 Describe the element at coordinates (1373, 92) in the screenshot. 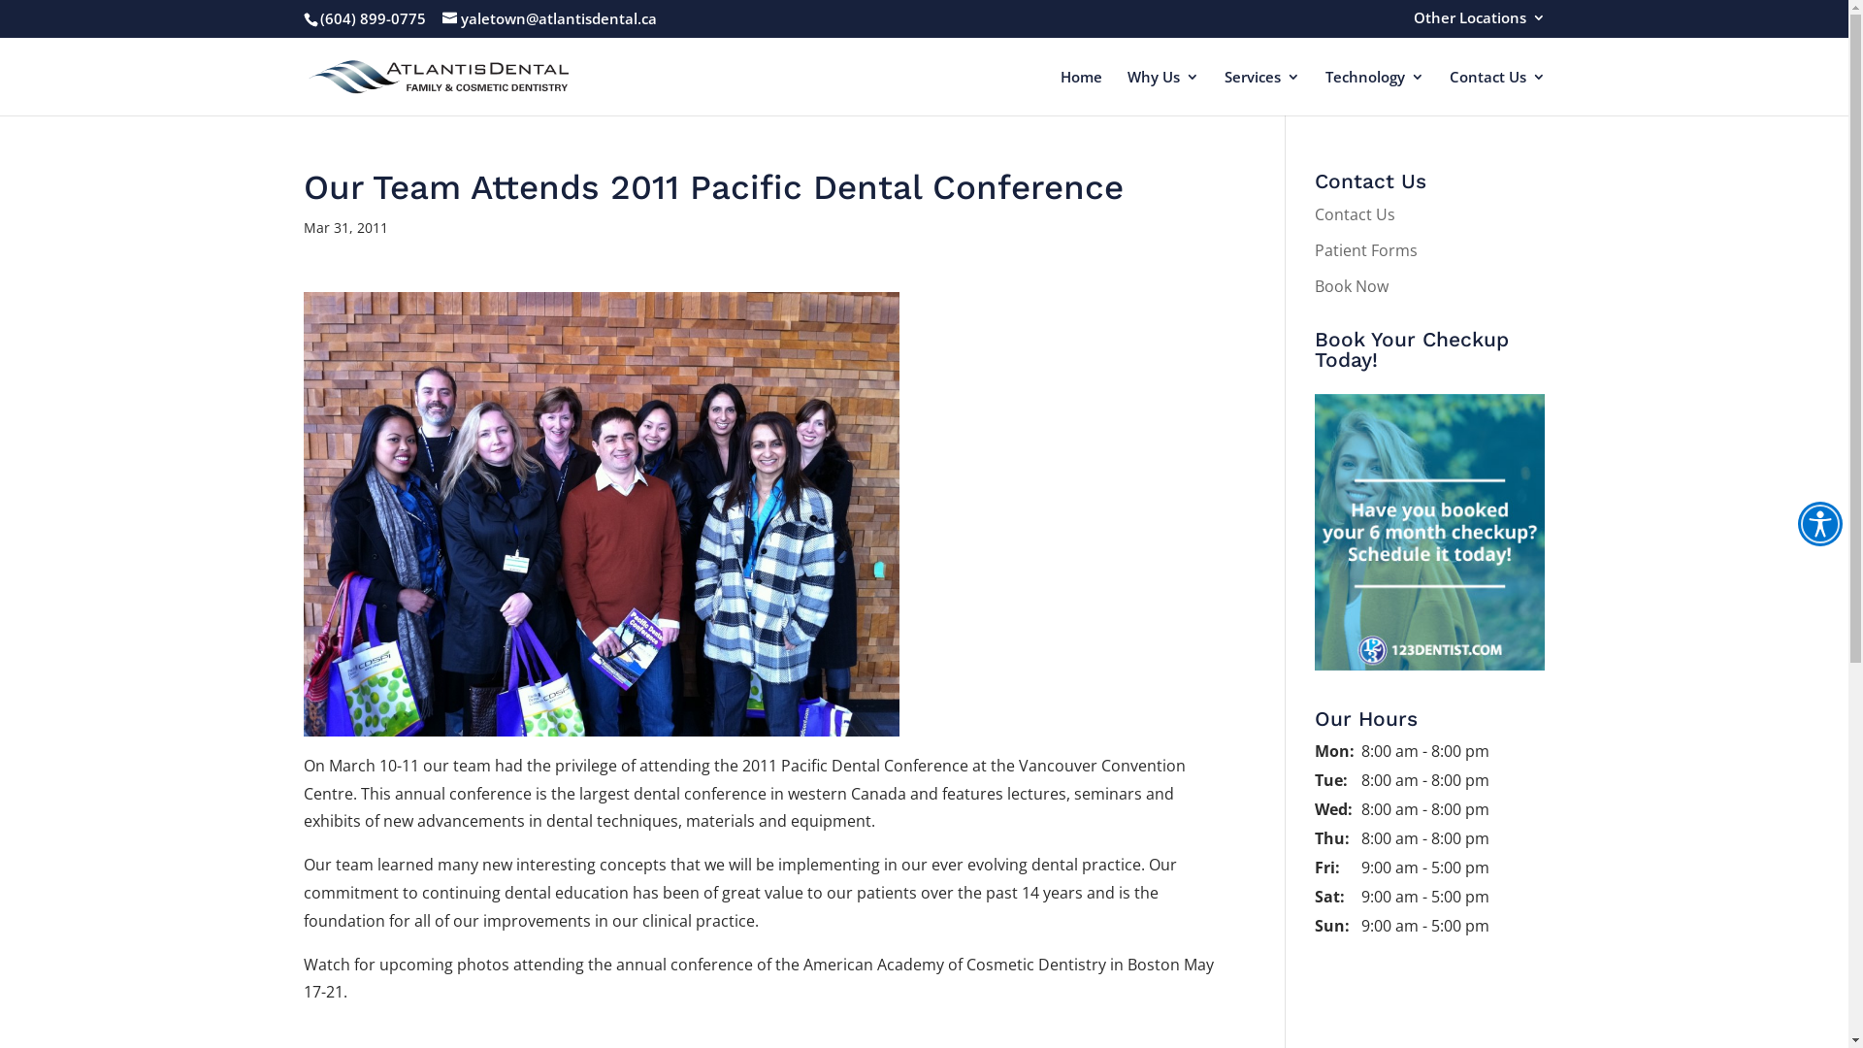

I see `'Technology'` at that location.